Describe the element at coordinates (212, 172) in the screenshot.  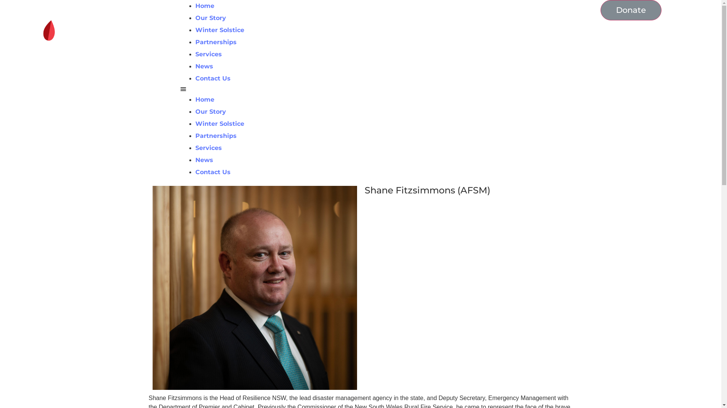
I see `'Contact Us'` at that location.